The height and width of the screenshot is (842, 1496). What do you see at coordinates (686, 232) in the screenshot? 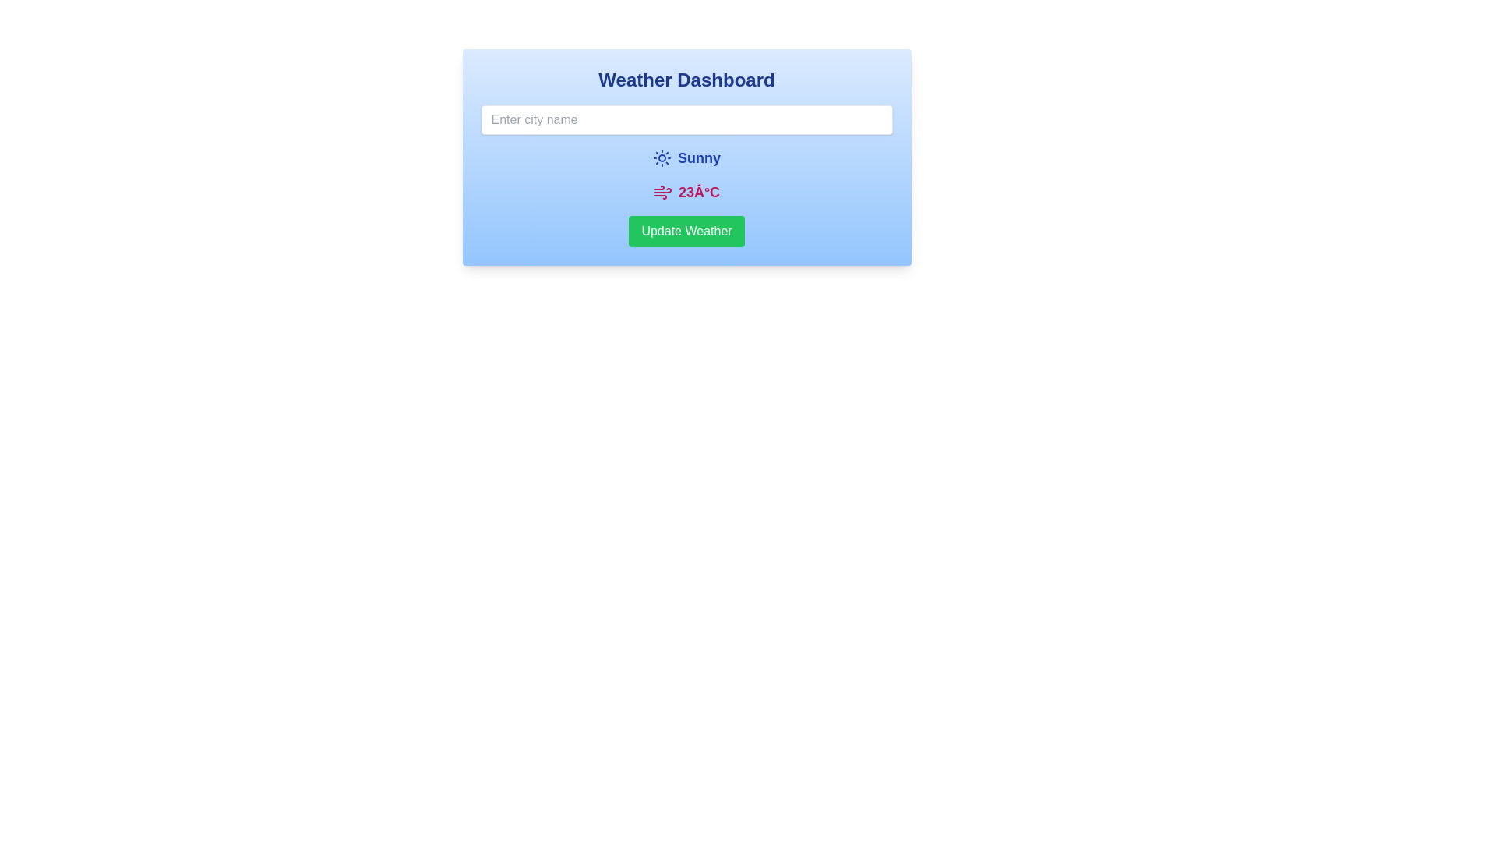
I see `the weather update button located beneath the temperature and weather status information to trigger hover effects` at bounding box center [686, 232].